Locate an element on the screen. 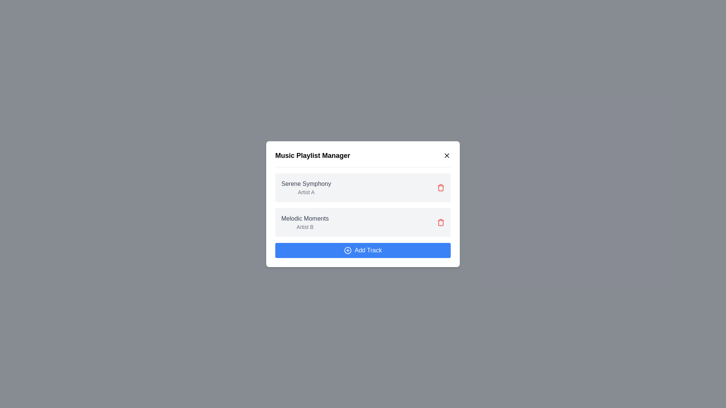  the Text display element that shows the title 'Melodic Moments' and subtitle 'Artist B' is located at coordinates (305, 222).